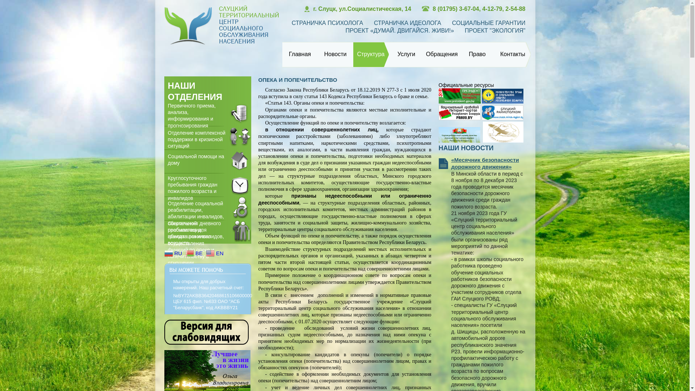  Describe the element at coordinates (215, 252) in the screenshot. I see `'EN'` at that location.